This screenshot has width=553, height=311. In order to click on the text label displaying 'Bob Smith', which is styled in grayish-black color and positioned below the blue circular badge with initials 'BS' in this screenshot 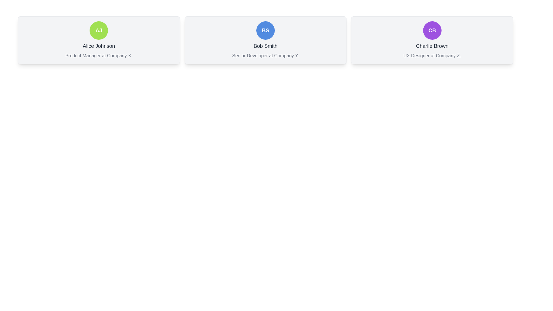, I will do `click(265, 45)`.